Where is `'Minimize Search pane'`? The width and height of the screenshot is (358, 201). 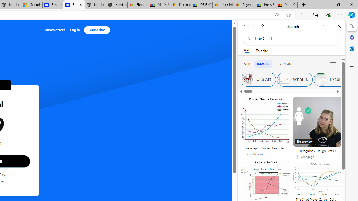 'Minimize Search pane' is located at coordinates (352, 26).